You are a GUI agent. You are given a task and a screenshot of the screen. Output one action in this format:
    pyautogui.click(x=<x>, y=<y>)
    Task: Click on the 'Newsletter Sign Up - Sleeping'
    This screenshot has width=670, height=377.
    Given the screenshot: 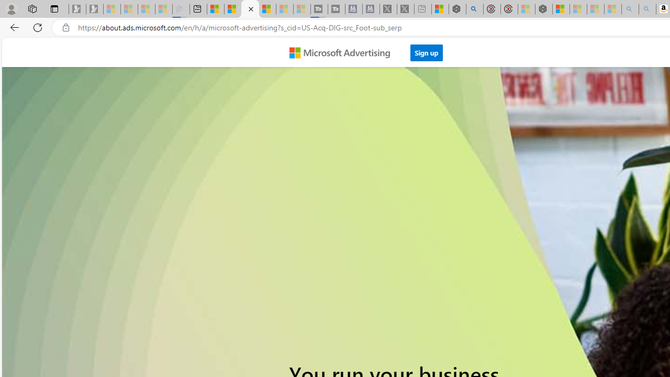 What is the action you would take?
    pyautogui.click(x=95, y=9)
    